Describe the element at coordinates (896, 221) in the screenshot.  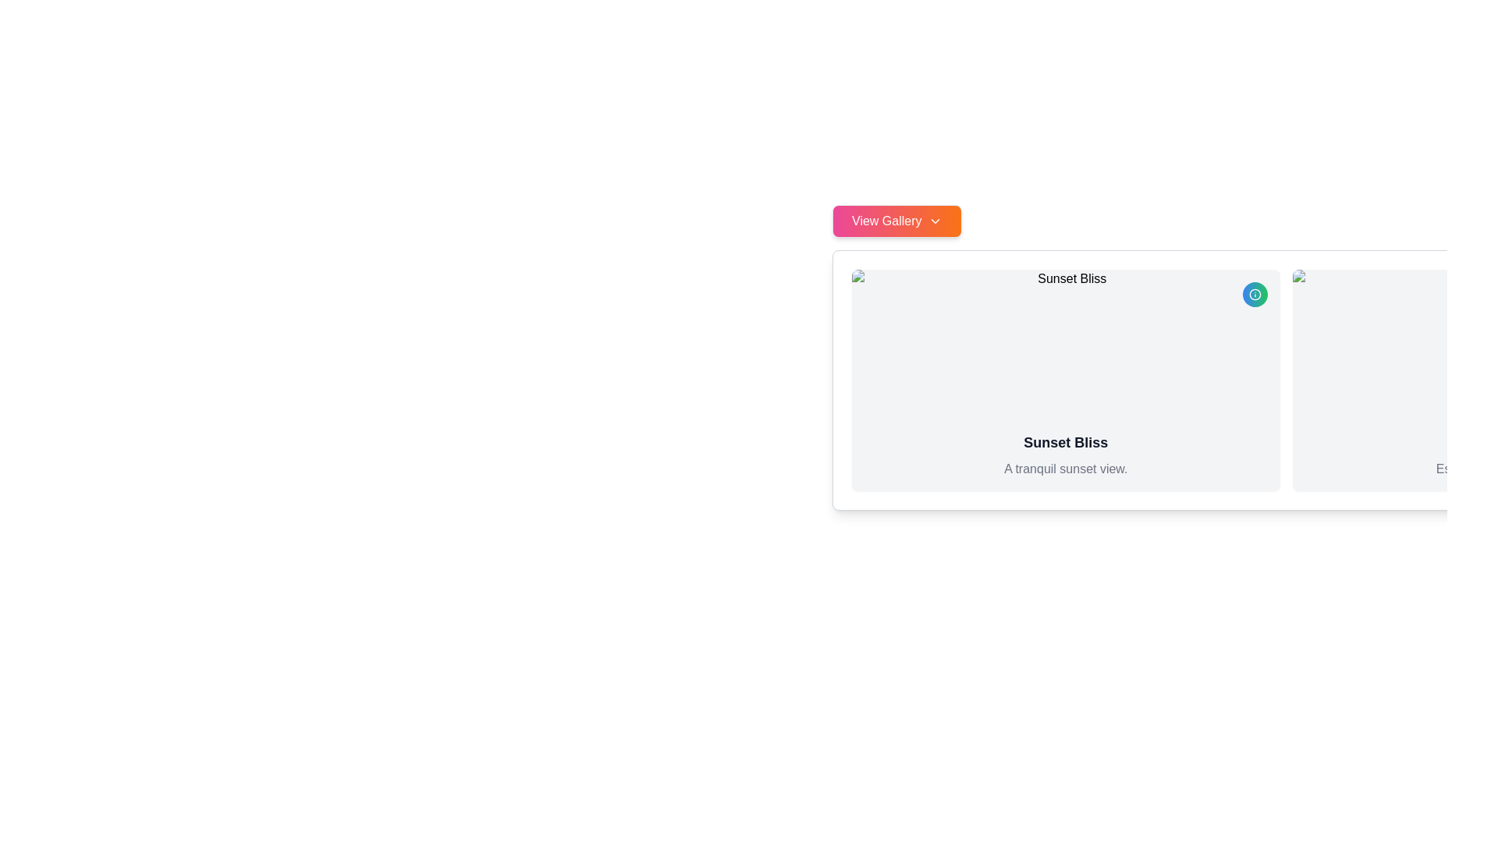
I see `the 'View Gallery' button, which is a rectangular button with a gradient background from pink to orange and features a downward-facing arrow icon` at that location.